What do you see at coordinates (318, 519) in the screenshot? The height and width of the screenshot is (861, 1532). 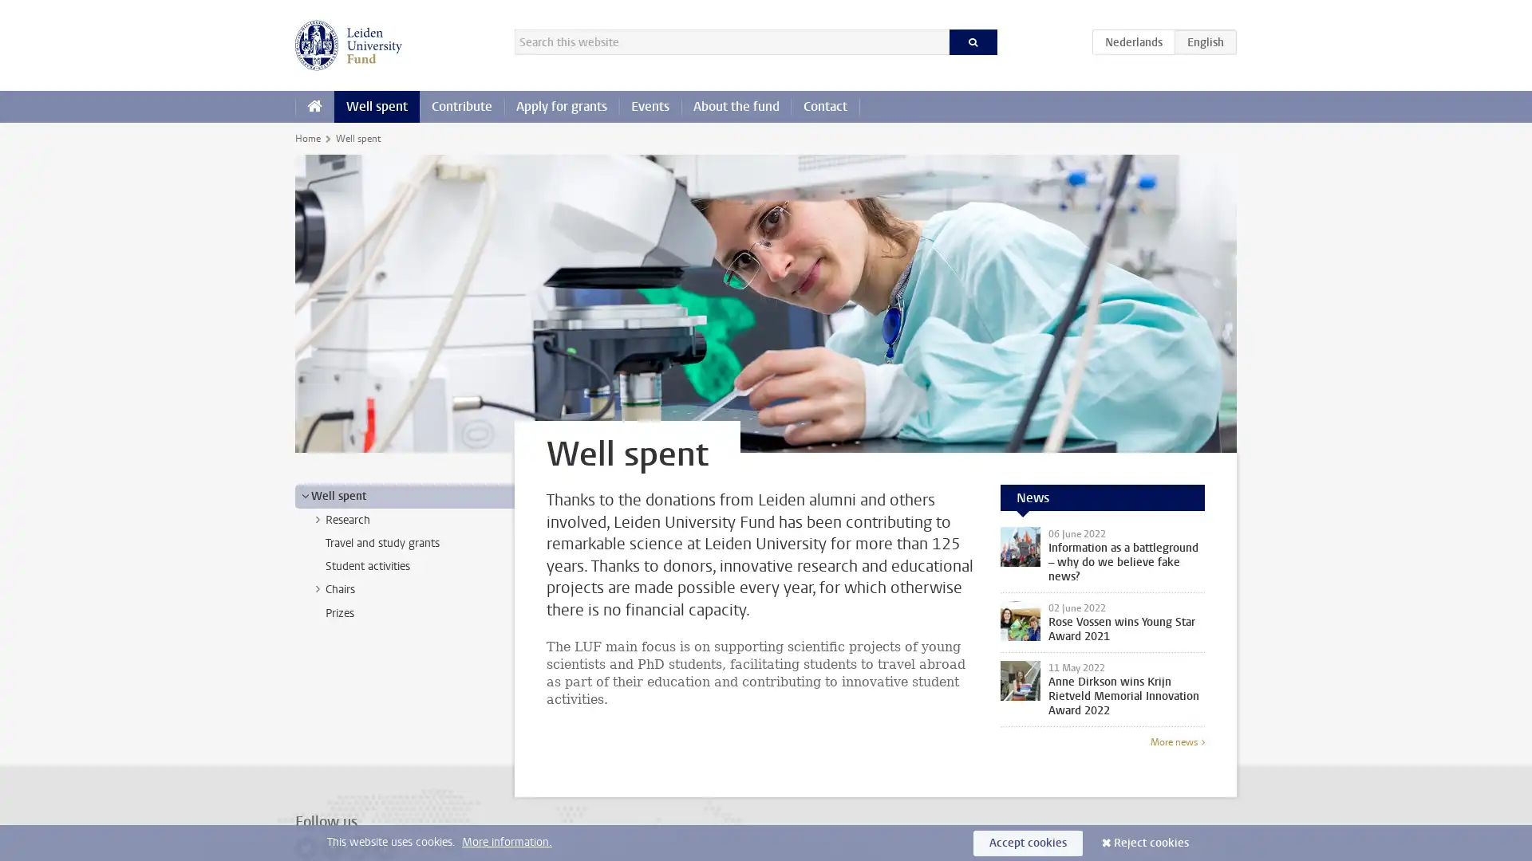 I see `>` at bounding box center [318, 519].